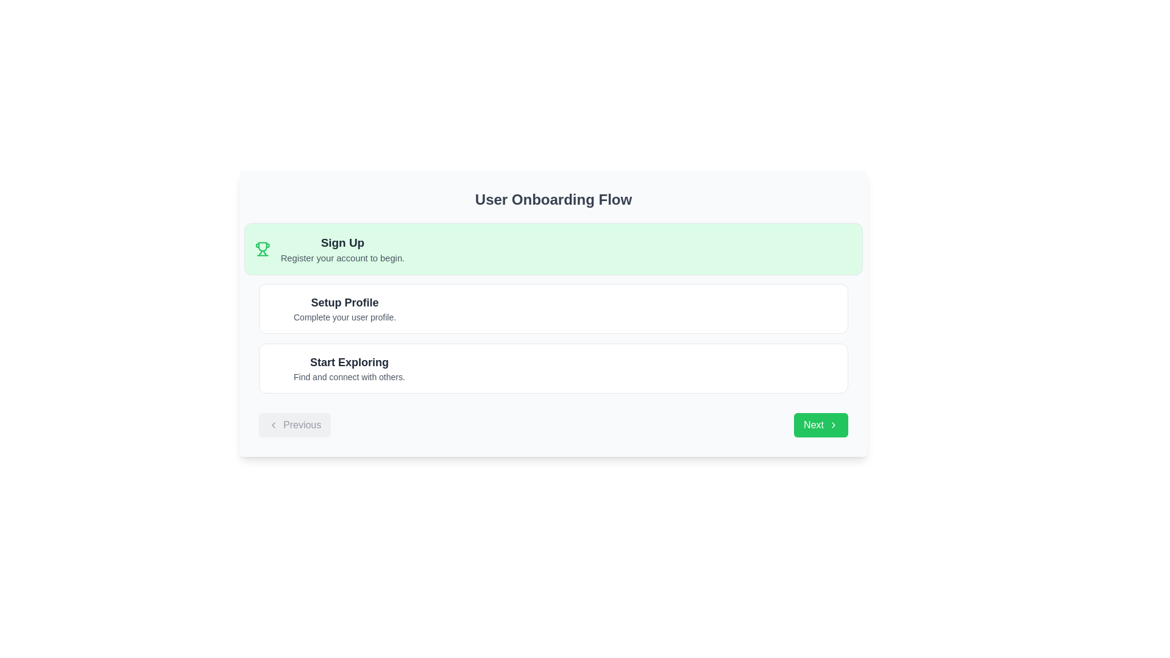  What do you see at coordinates (341, 248) in the screenshot?
I see `the text block representing the first step in the user onboarding process, which is part of a green rectangular block located on the left-center of the interface` at bounding box center [341, 248].